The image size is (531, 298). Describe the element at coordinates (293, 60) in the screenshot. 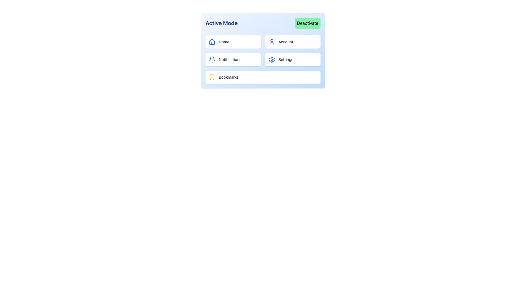

I see `the 'Settings' button, which is located in the second column, second row of the grid layout, to observe the visual hover effect` at that location.